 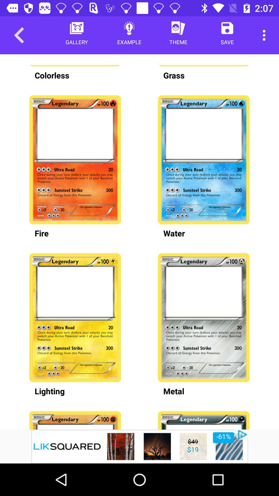 What do you see at coordinates (55, 317) in the screenshot?
I see `the menu icon` at bounding box center [55, 317].